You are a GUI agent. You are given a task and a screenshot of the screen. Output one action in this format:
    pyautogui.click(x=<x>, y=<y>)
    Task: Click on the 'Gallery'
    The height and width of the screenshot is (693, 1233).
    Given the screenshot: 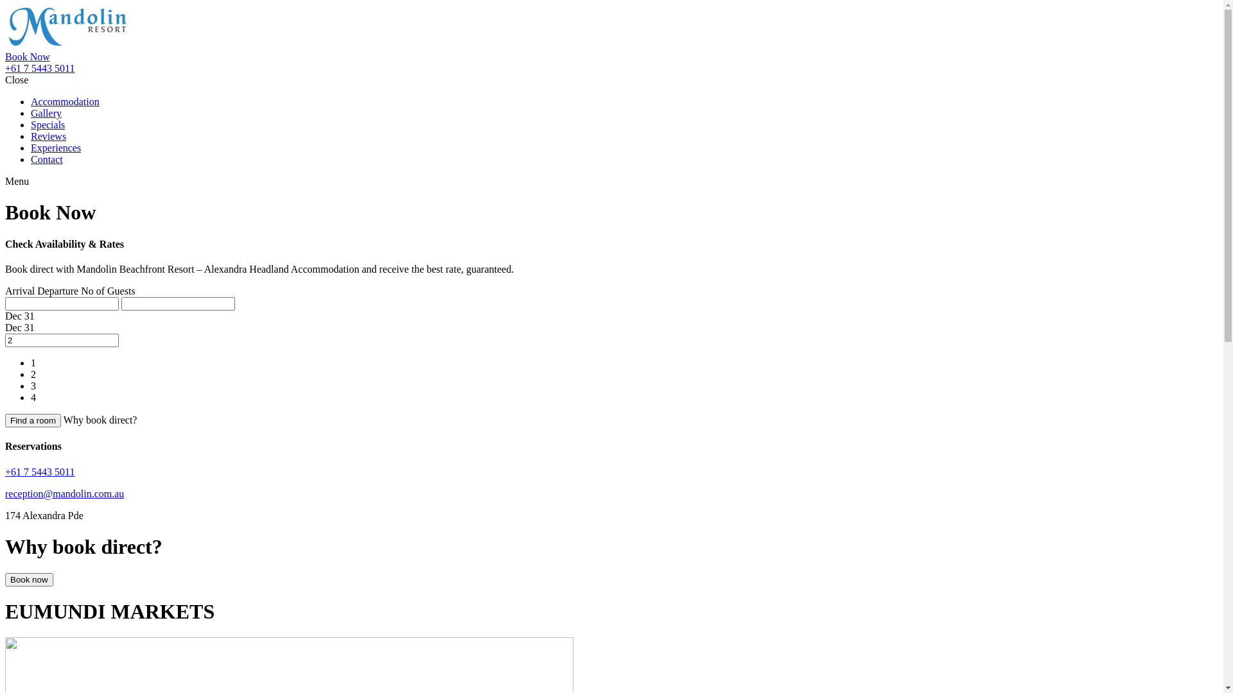 What is the action you would take?
    pyautogui.click(x=31, y=112)
    